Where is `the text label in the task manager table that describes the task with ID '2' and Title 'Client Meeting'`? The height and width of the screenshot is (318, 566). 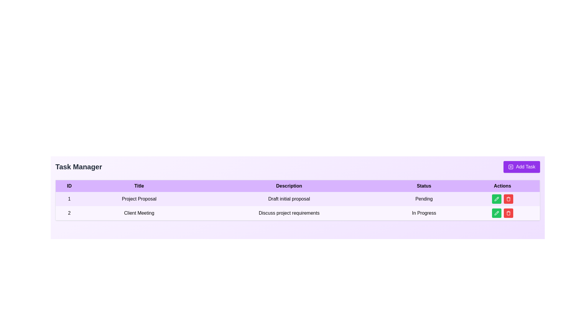
the text label in the task manager table that describes the task with ID '2' and Title 'Client Meeting' is located at coordinates (289, 213).